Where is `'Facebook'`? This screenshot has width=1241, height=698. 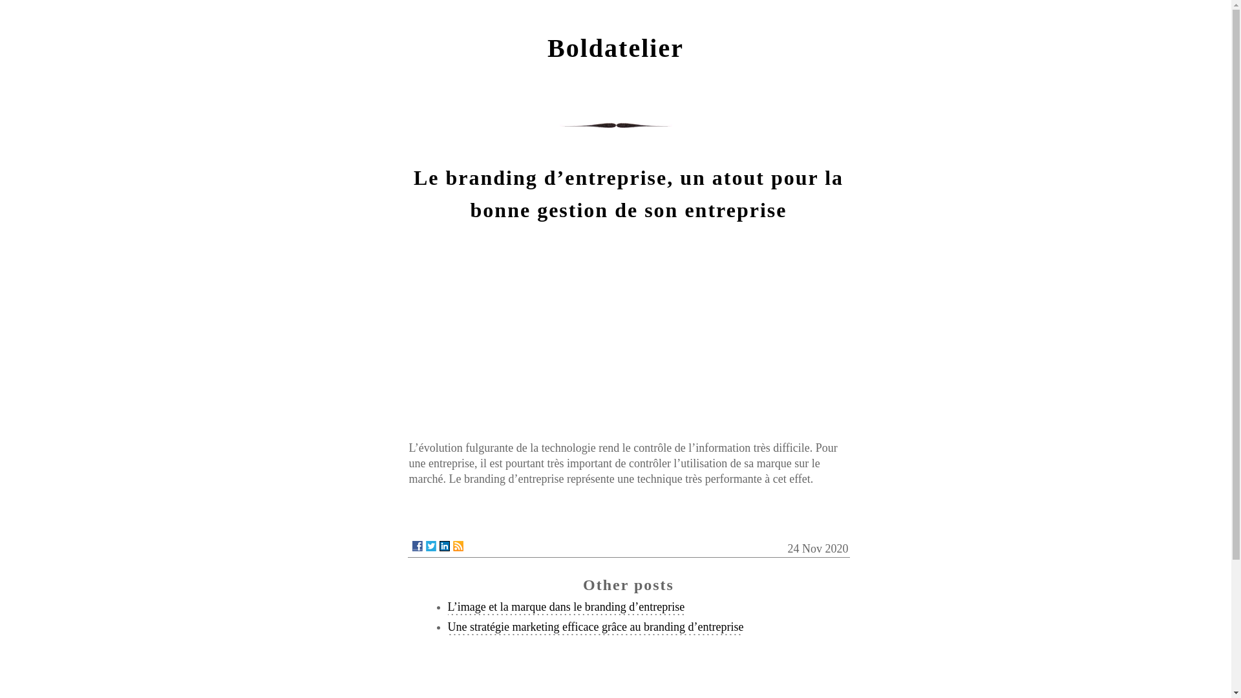
'Facebook' is located at coordinates (412, 545).